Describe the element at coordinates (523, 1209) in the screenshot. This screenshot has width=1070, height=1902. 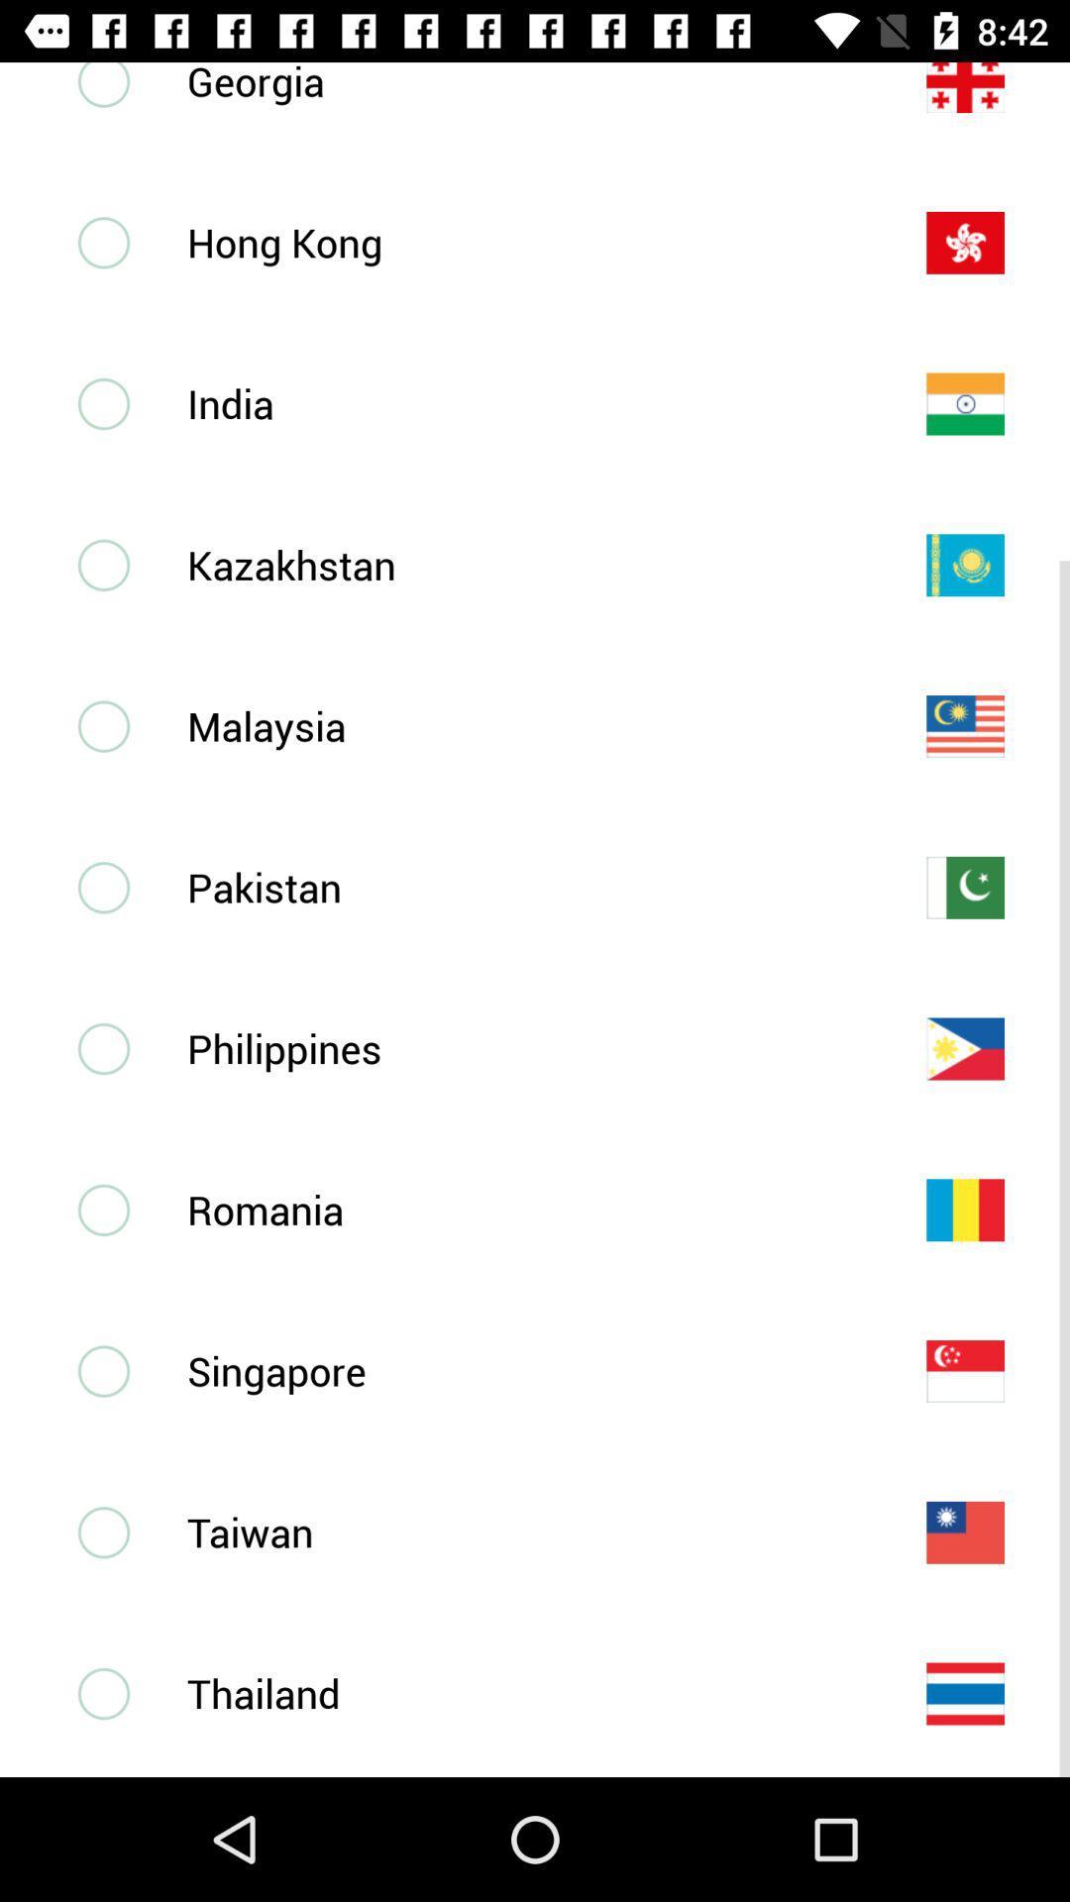
I see `the romania` at that location.